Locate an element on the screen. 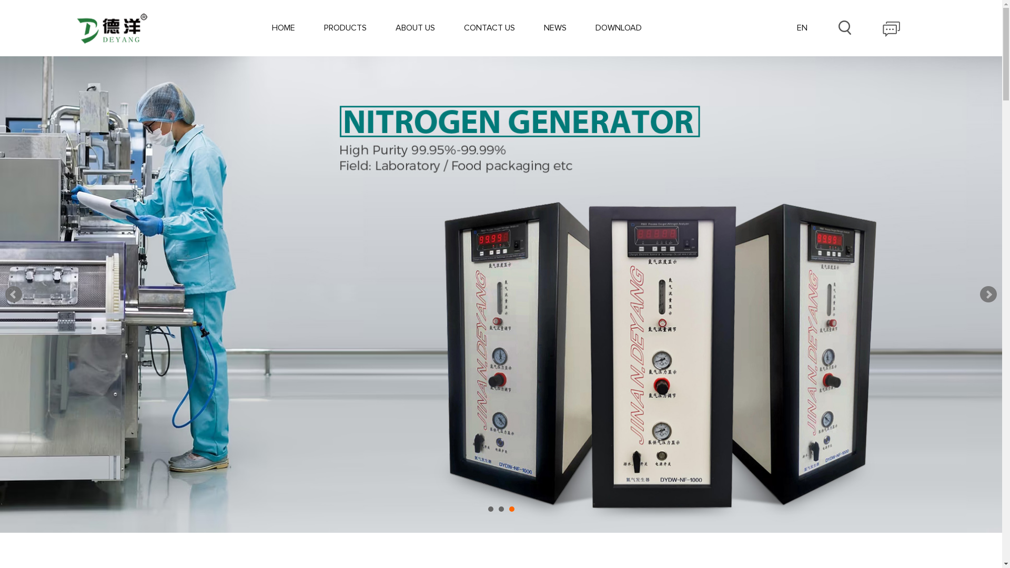  '3' is located at coordinates (512, 509).